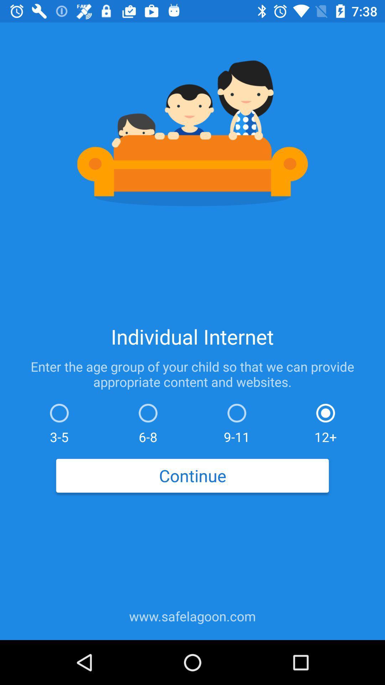 The height and width of the screenshot is (685, 385). Describe the element at coordinates (59, 422) in the screenshot. I see `the icon below the enter the age icon` at that location.